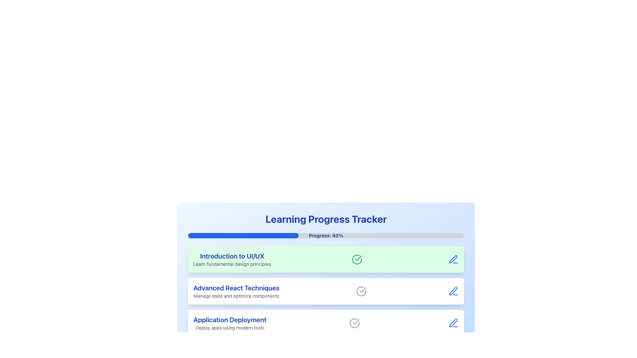 The height and width of the screenshot is (358, 637). Describe the element at coordinates (243, 235) in the screenshot. I see `the blue progress indicator bar, which is a rounded rectangular element occupying approximately 40% of the width of a light-gray progress bar, located below the title 'Learning Progress Tracker'` at that location.